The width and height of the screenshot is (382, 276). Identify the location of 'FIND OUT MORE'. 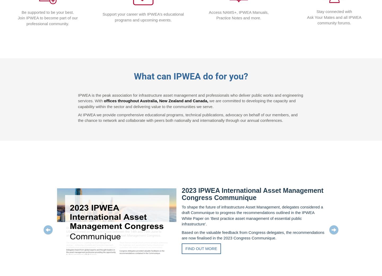
(185, 248).